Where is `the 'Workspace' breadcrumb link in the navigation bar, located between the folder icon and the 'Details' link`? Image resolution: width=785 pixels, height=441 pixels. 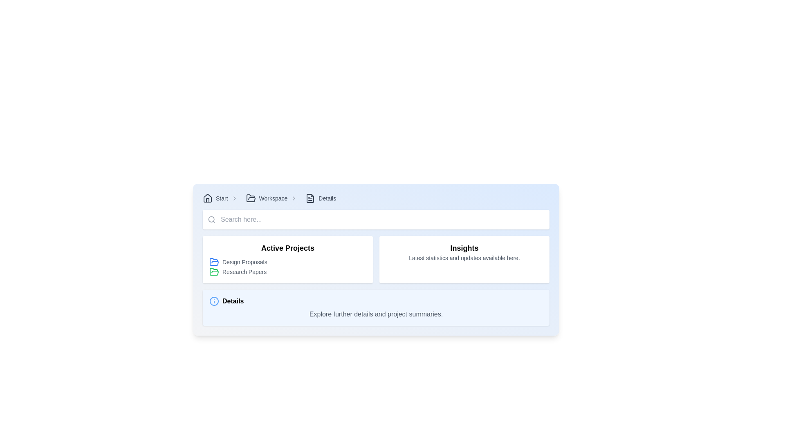 the 'Workspace' breadcrumb link in the navigation bar, located between the folder icon and the 'Details' link is located at coordinates (273, 198).